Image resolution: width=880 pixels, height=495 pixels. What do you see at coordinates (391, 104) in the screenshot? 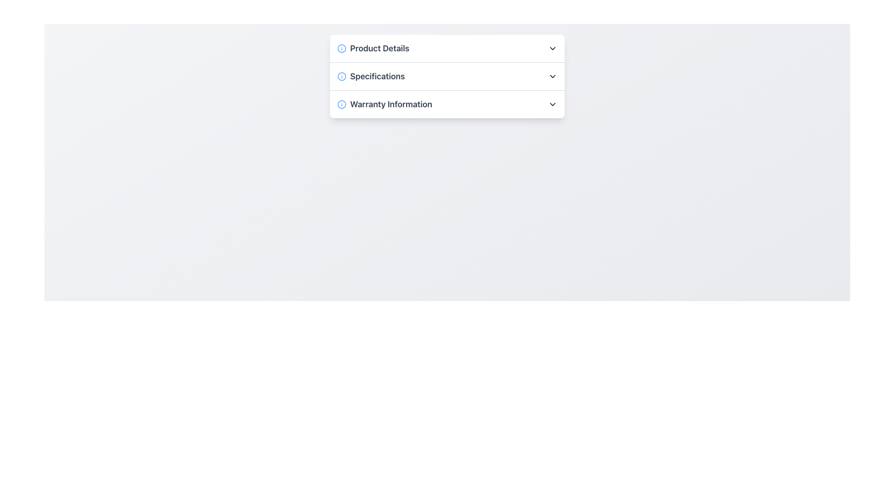
I see `the third text label indicating the title or section header for the associated warranty details` at bounding box center [391, 104].